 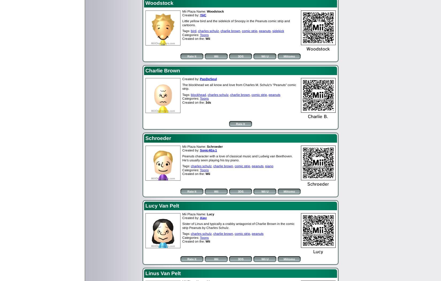 I want to click on '!SiC', so click(x=203, y=14).